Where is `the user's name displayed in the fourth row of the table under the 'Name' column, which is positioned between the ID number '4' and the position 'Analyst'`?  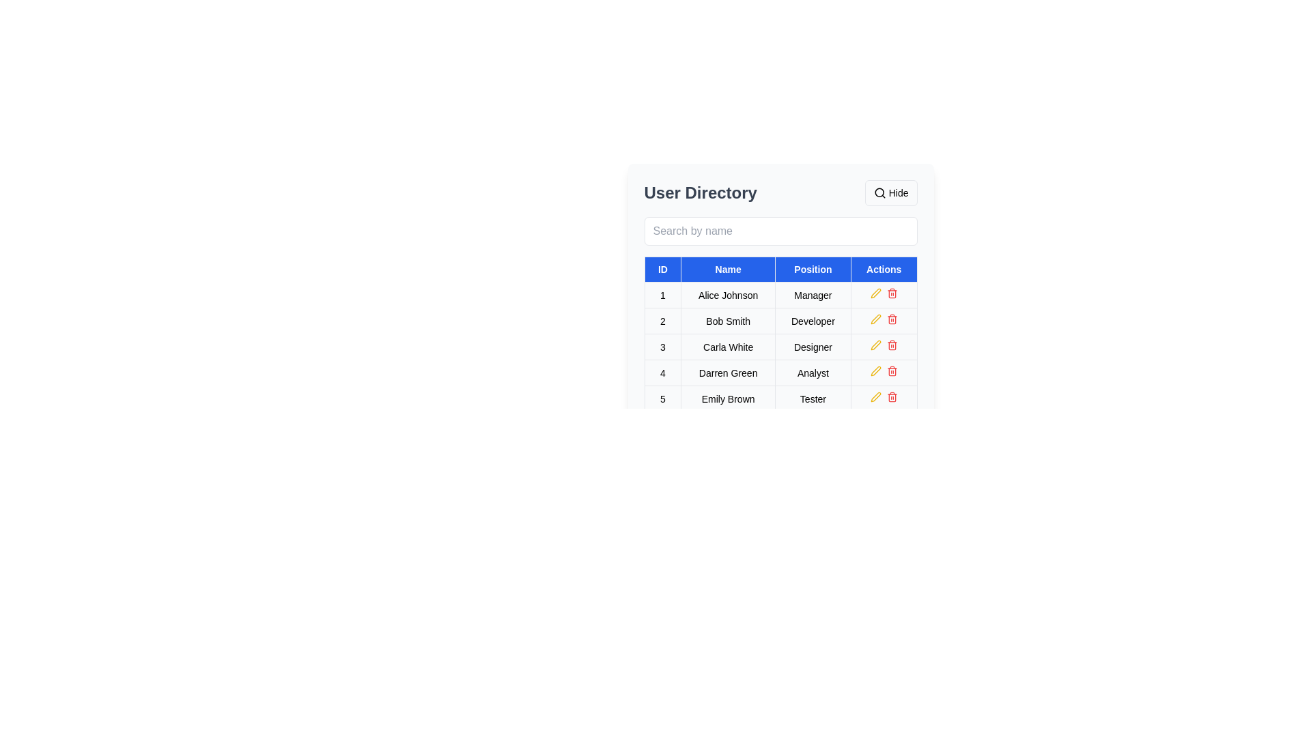 the user's name displayed in the fourth row of the table under the 'Name' column, which is positioned between the ID number '4' and the position 'Analyst' is located at coordinates (727, 373).